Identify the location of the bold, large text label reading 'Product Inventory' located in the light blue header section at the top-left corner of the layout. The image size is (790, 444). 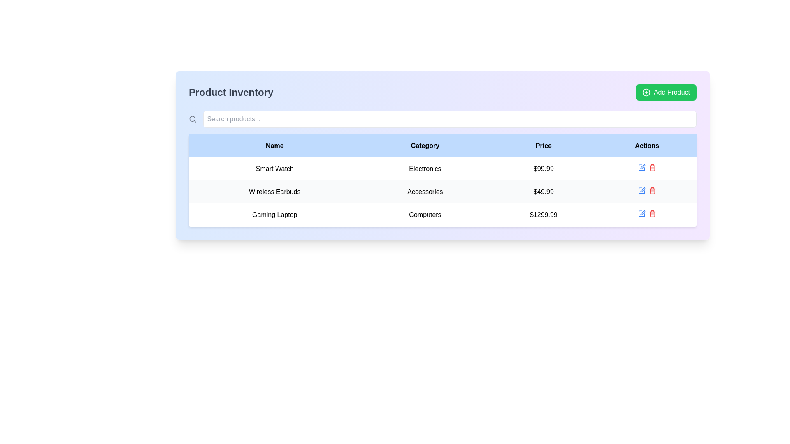
(230, 92).